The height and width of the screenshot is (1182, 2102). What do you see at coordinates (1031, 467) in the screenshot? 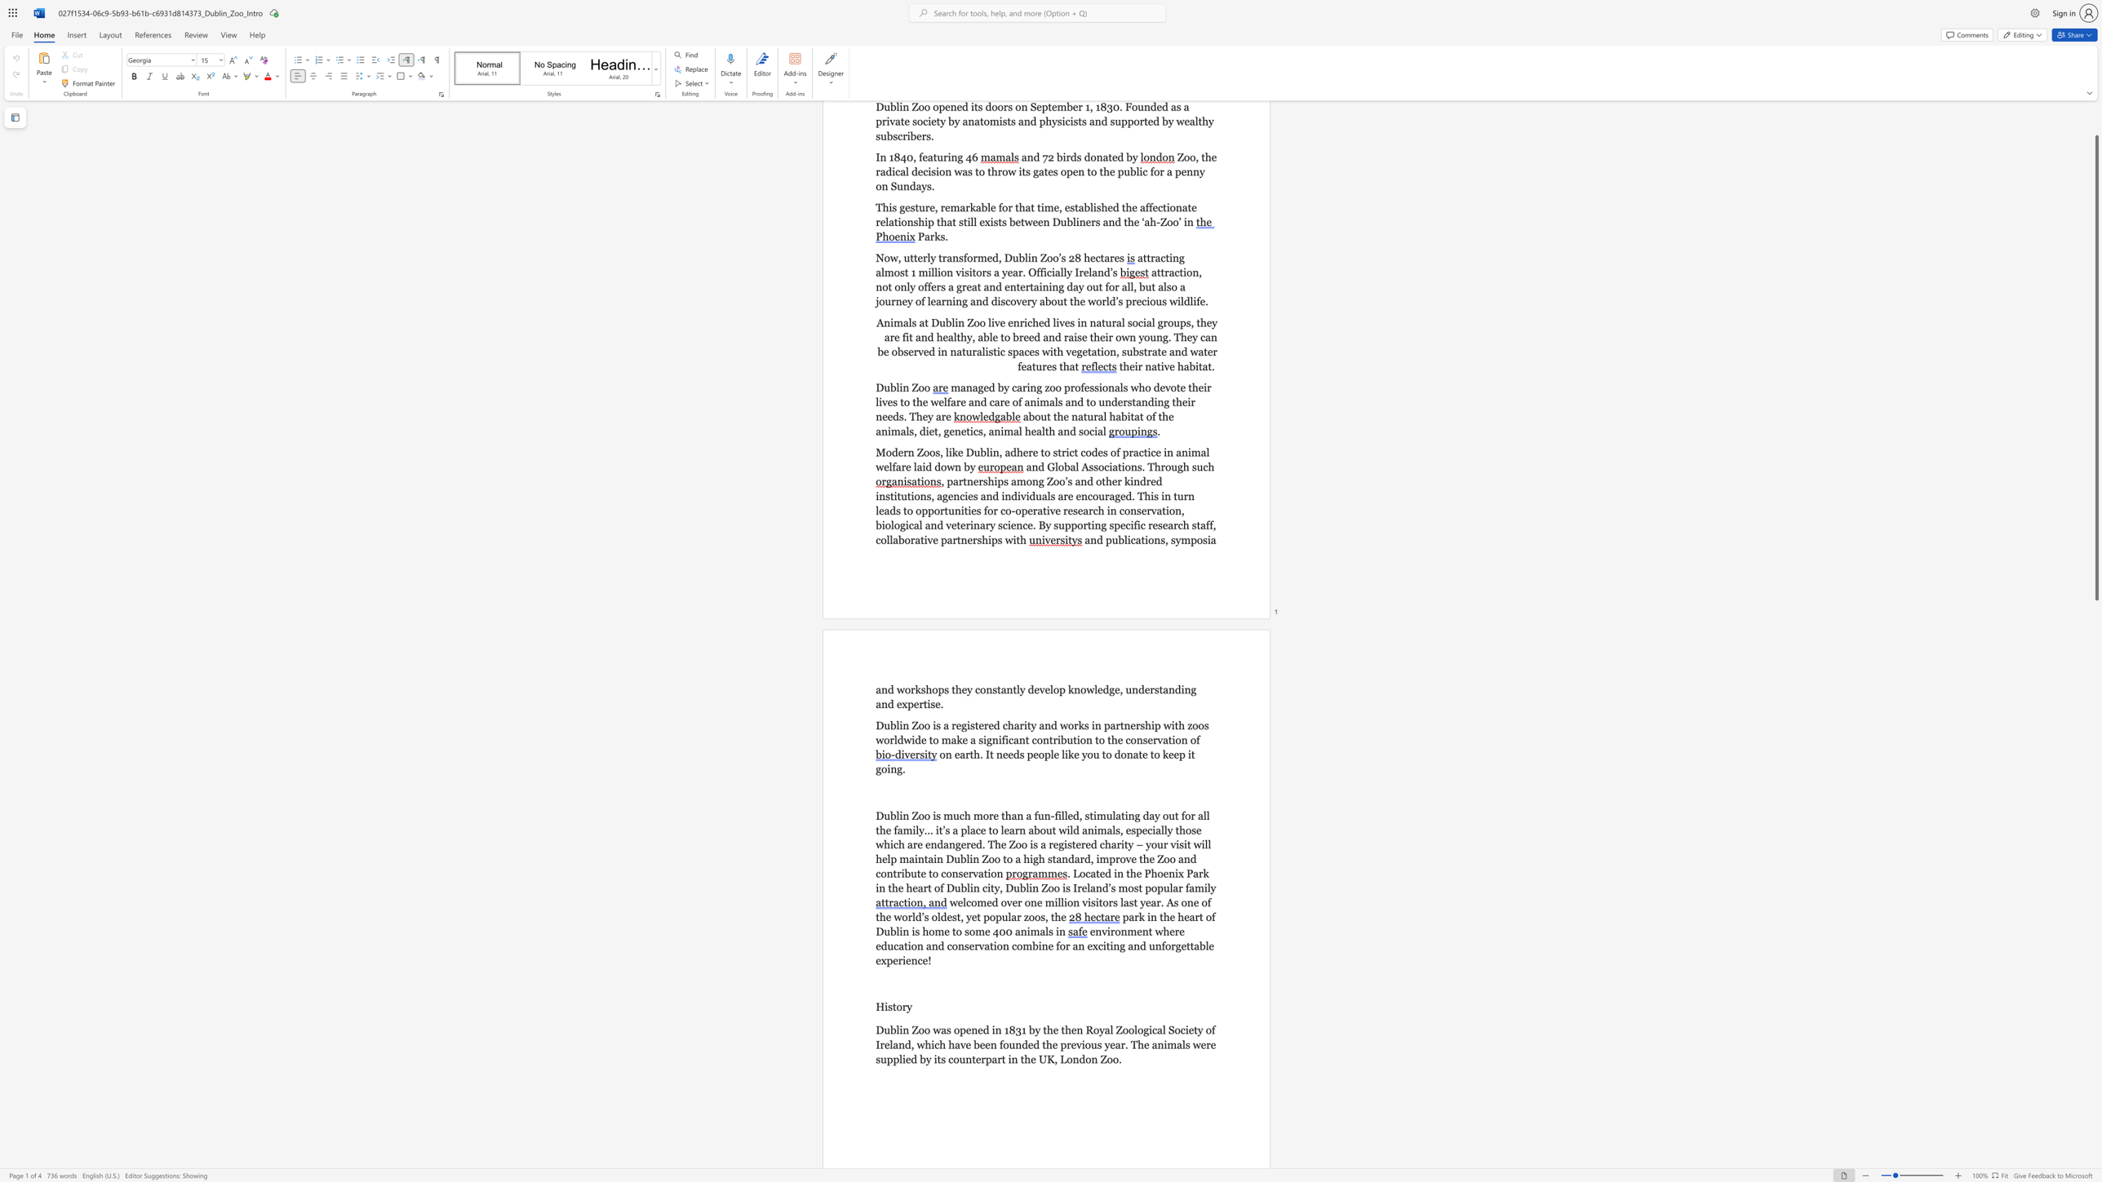
I see `the subset text "nd Global Associations. Thro" within the text "and Global Associations. Through such"` at bounding box center [1031, 467].